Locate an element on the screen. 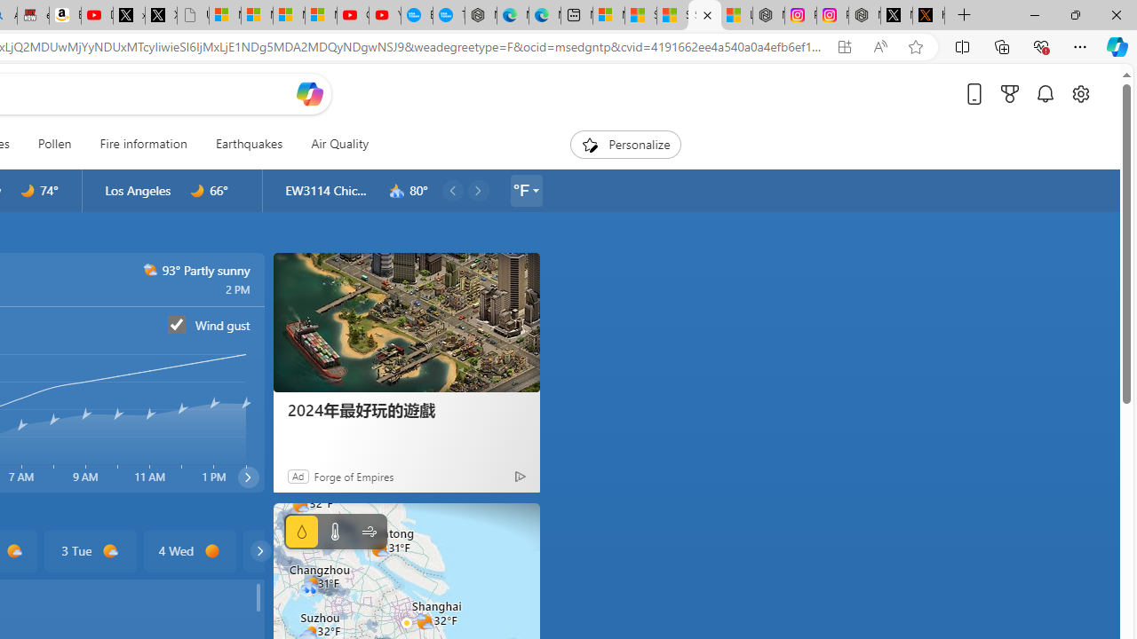 This screenshot has width=1137, height=639. 'To get missing image descriptions, open the context menu.' is located at coordinates (590, 143).